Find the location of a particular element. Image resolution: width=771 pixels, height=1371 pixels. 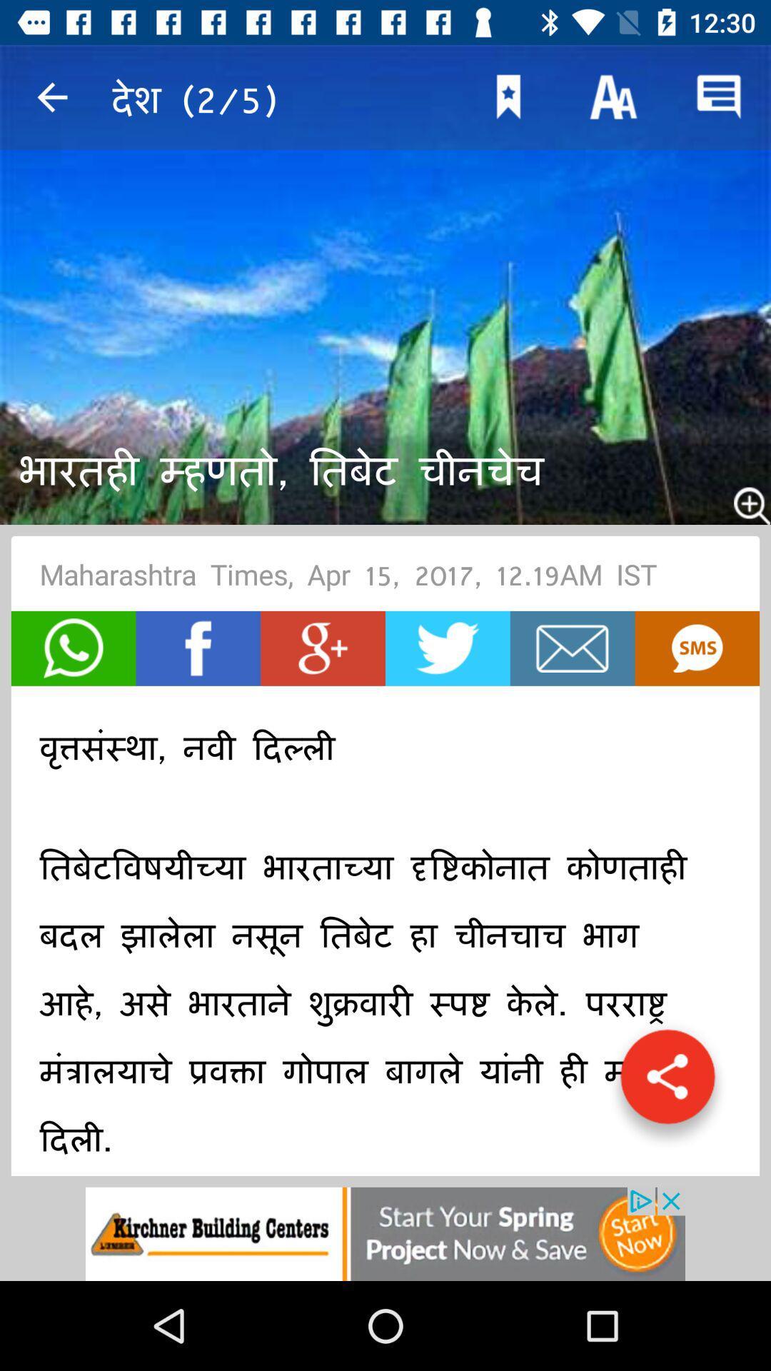

tweet option is located at coordinates (447, 648).